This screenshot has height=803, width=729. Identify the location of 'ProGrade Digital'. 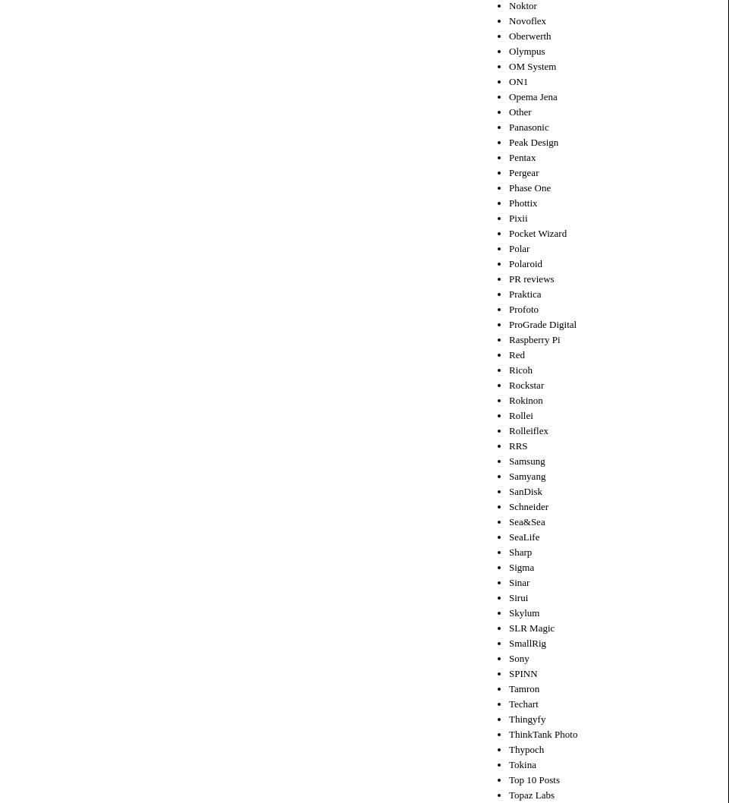
(542, 323).